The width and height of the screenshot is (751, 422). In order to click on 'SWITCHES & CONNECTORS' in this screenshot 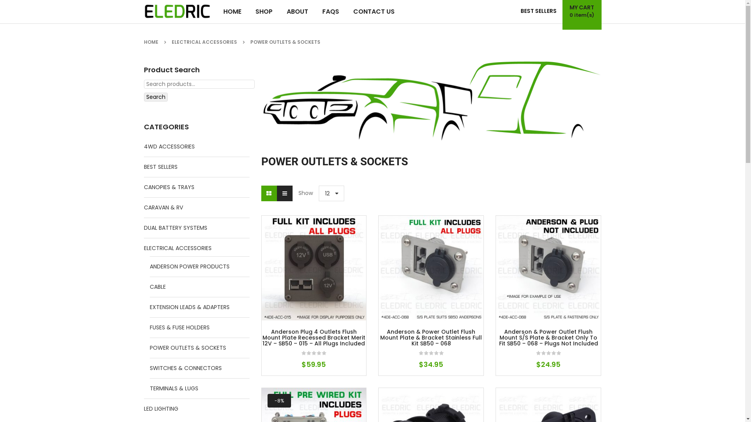, I will do `click(149, 368)`.